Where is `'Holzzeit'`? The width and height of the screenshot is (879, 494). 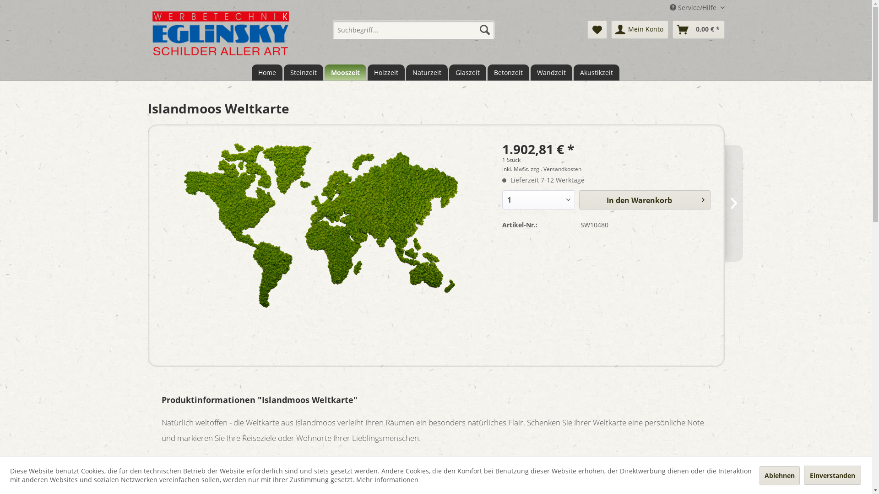 'Holzzeit' is located at coordinates (367, 72).